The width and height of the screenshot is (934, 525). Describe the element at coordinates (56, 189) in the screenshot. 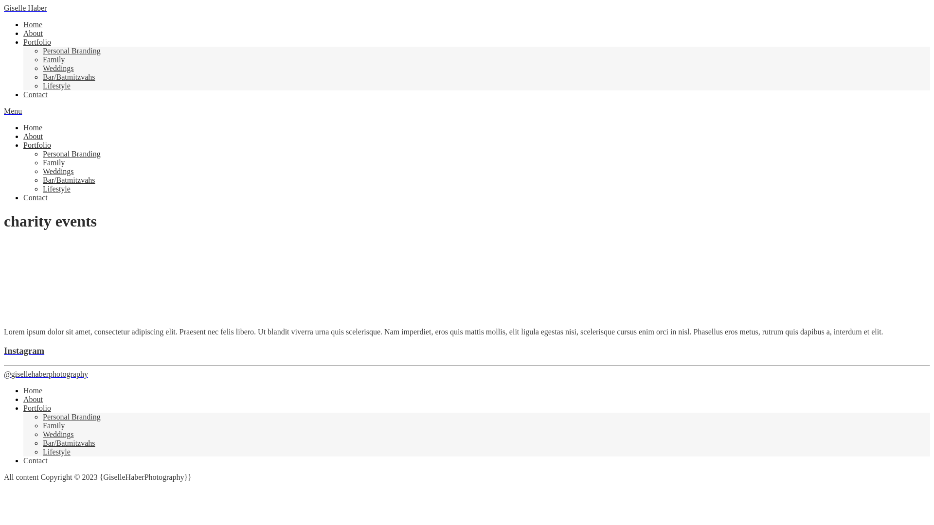

I see `'Lifestyle'` at that location.